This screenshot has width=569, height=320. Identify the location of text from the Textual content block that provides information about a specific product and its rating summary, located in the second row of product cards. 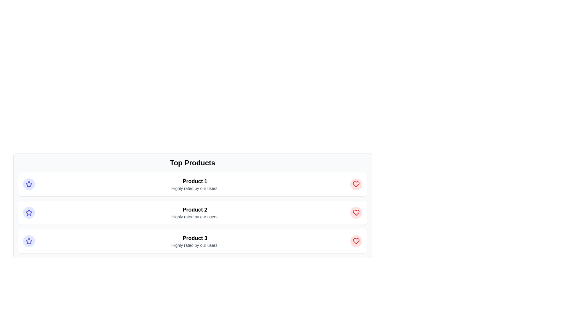
(195, 212).